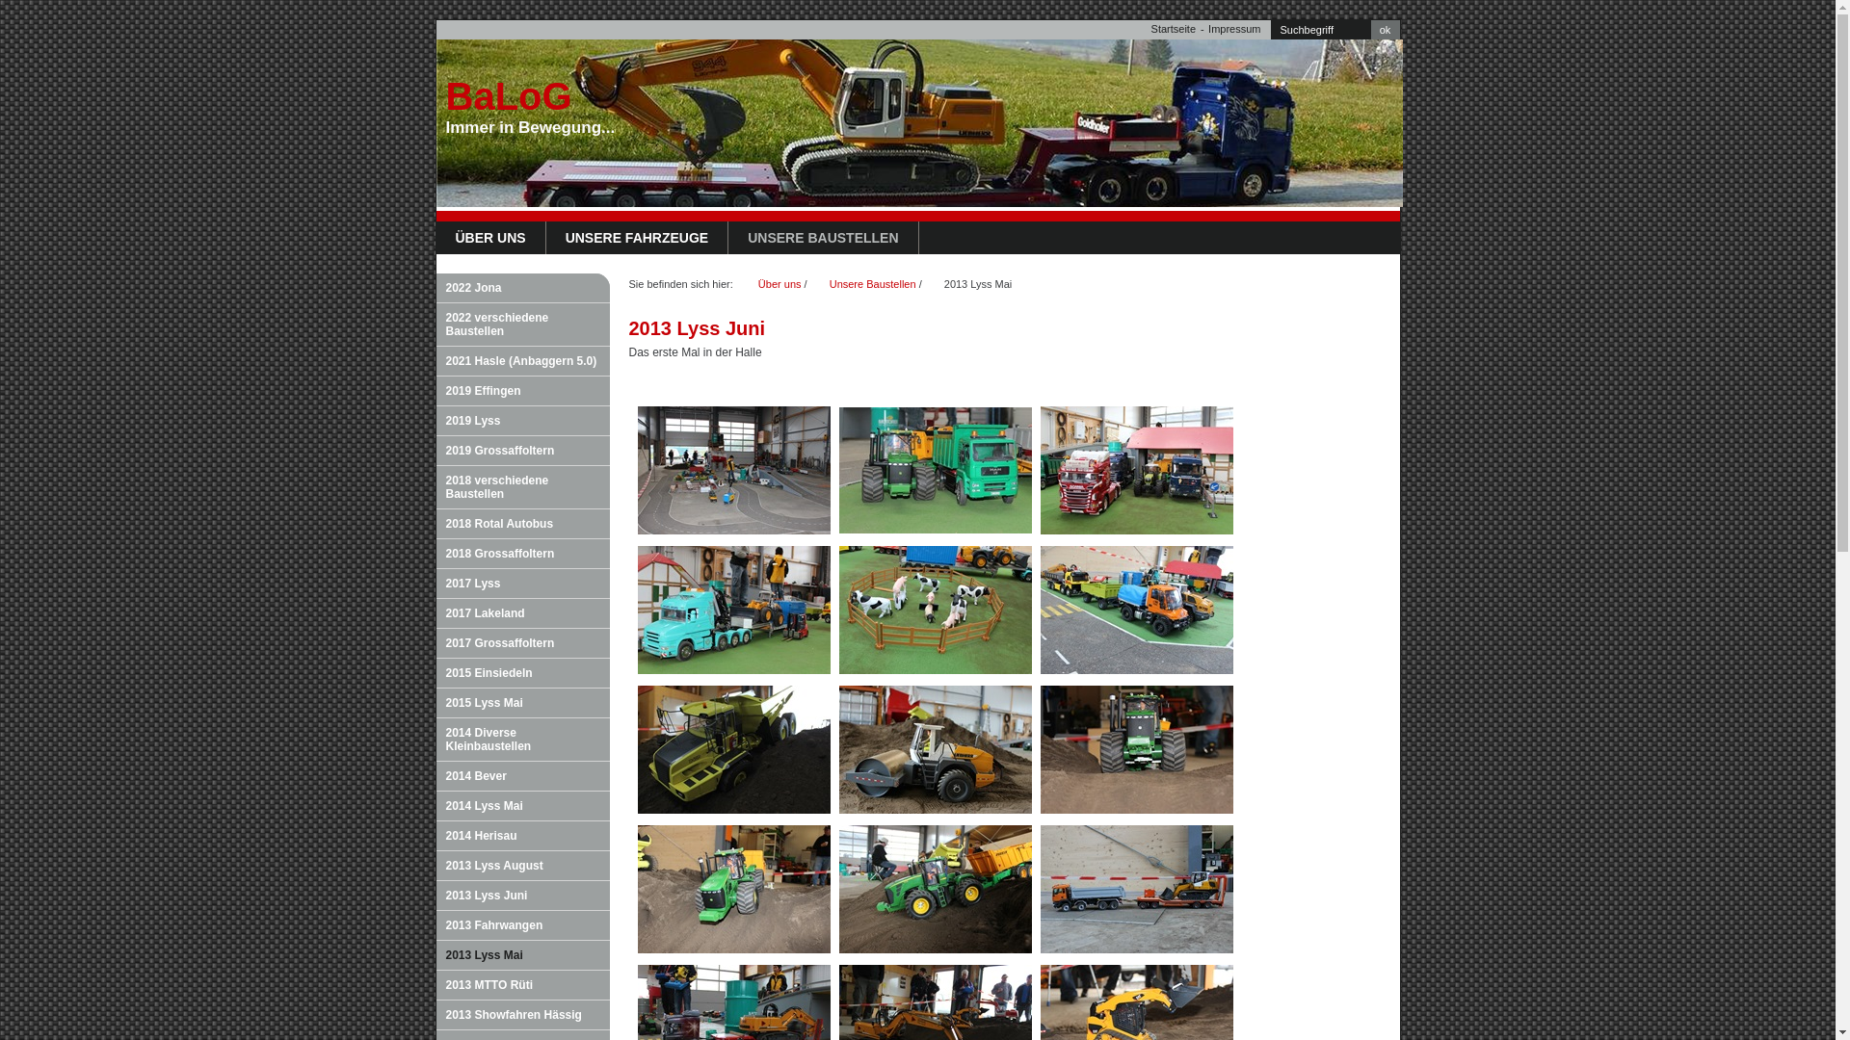 This screenshot has height=1040, width=1850. I want to click on '2019 Lyss', so click(522, 420).